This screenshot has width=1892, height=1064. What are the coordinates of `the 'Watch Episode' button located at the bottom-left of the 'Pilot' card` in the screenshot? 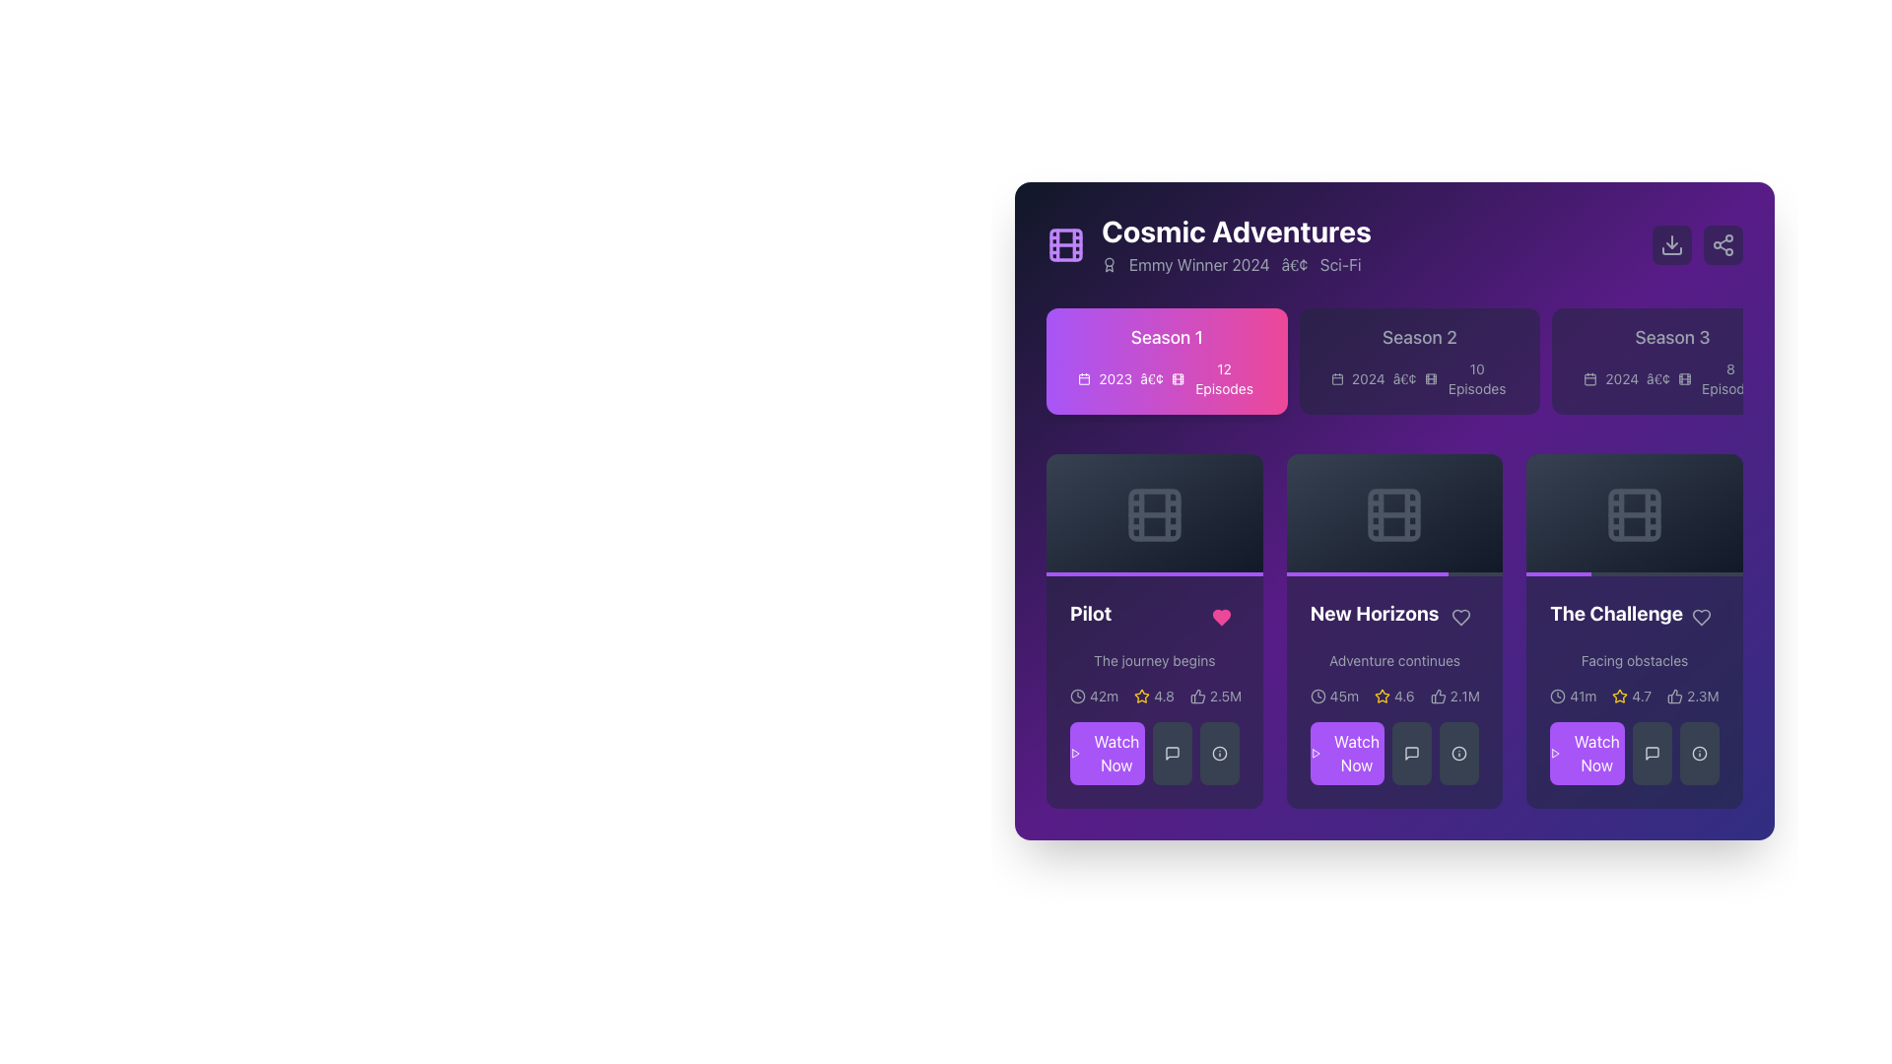 It's located at (1154, 753).